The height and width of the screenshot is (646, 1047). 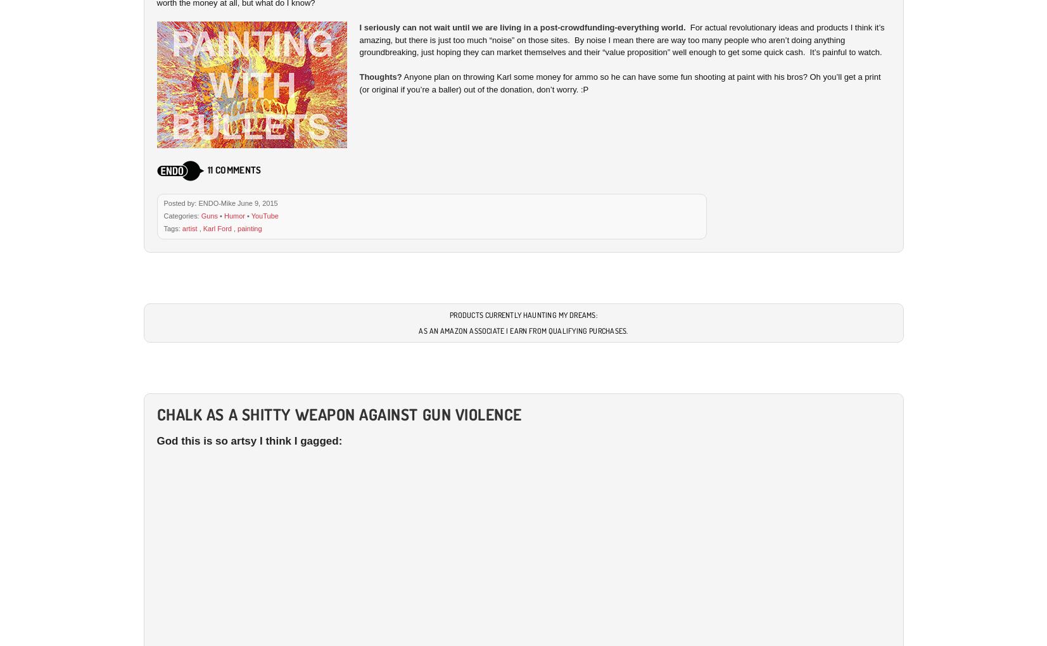 What do you see at coordinates (181, 227) in the screenshot?
I see `'artist'` at bounding box center [181, 227].